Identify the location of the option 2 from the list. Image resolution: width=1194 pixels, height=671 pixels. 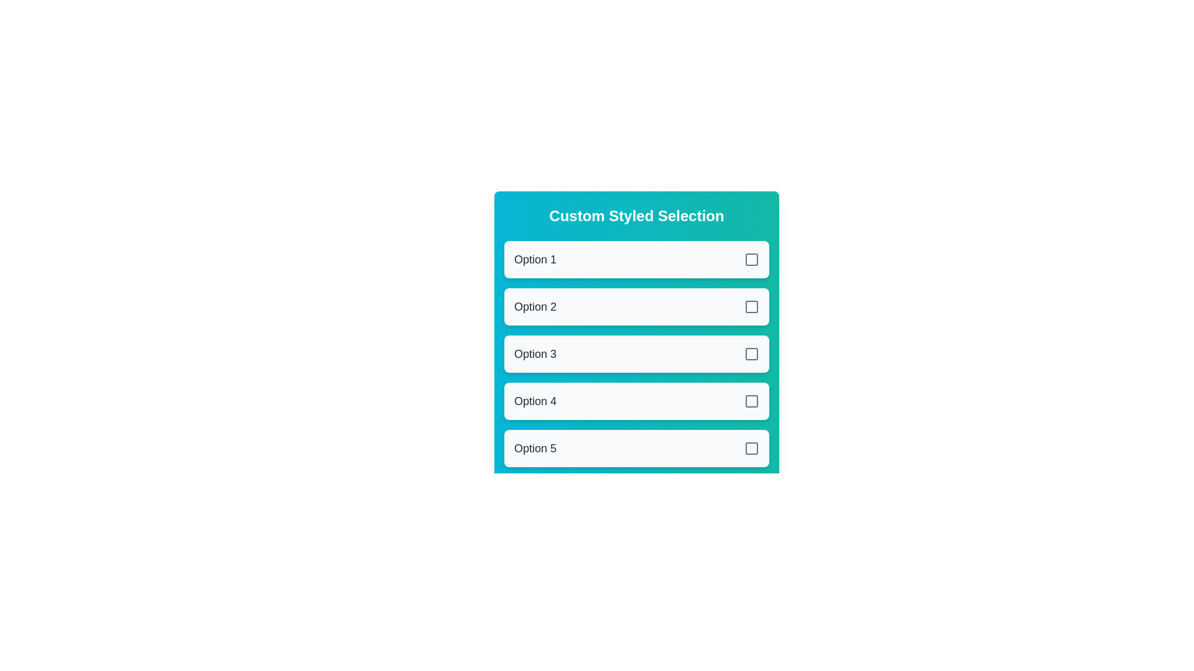
(636, 306).